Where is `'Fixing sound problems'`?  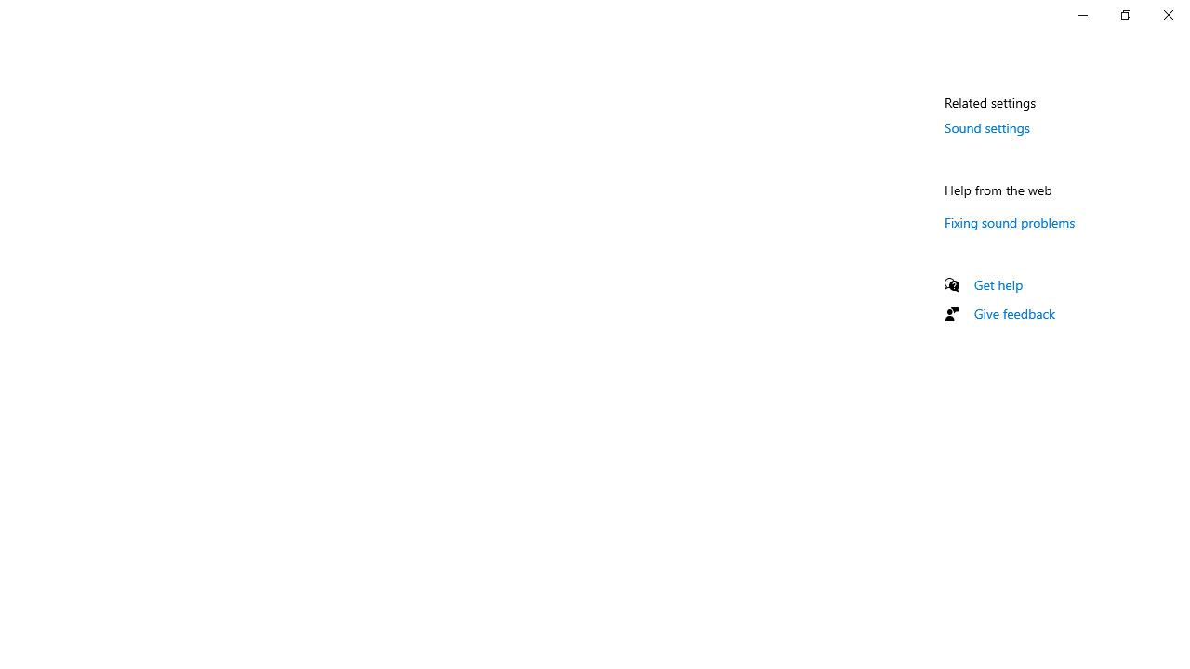
'Fixing sound problems' is located at coordinates (1009, 221).